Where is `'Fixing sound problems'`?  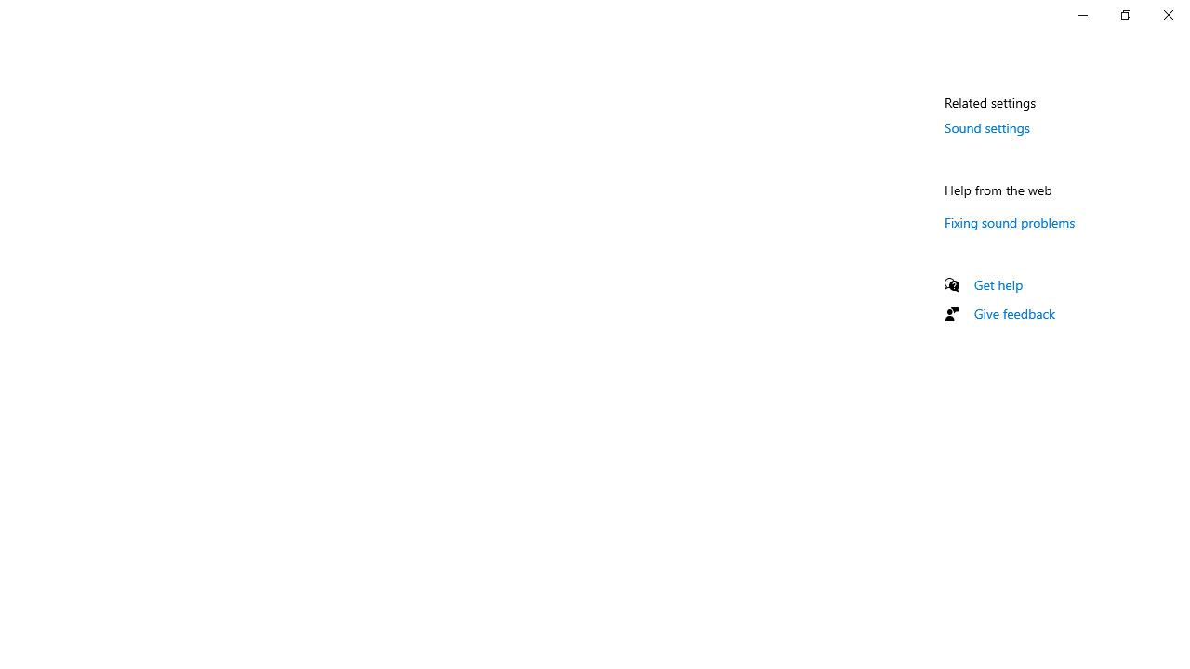
'Fixing sound problems' is located at coordinates (1009, 221).